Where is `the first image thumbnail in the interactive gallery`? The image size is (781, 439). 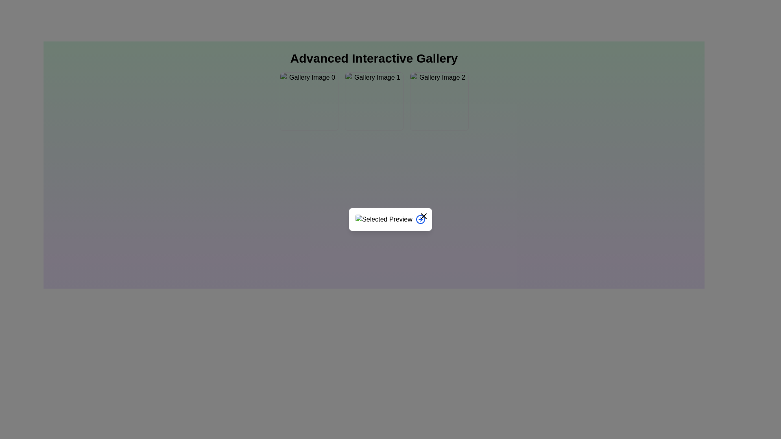
the first image thumbnail in the interactive gallery is located at coordinates (308, 101).